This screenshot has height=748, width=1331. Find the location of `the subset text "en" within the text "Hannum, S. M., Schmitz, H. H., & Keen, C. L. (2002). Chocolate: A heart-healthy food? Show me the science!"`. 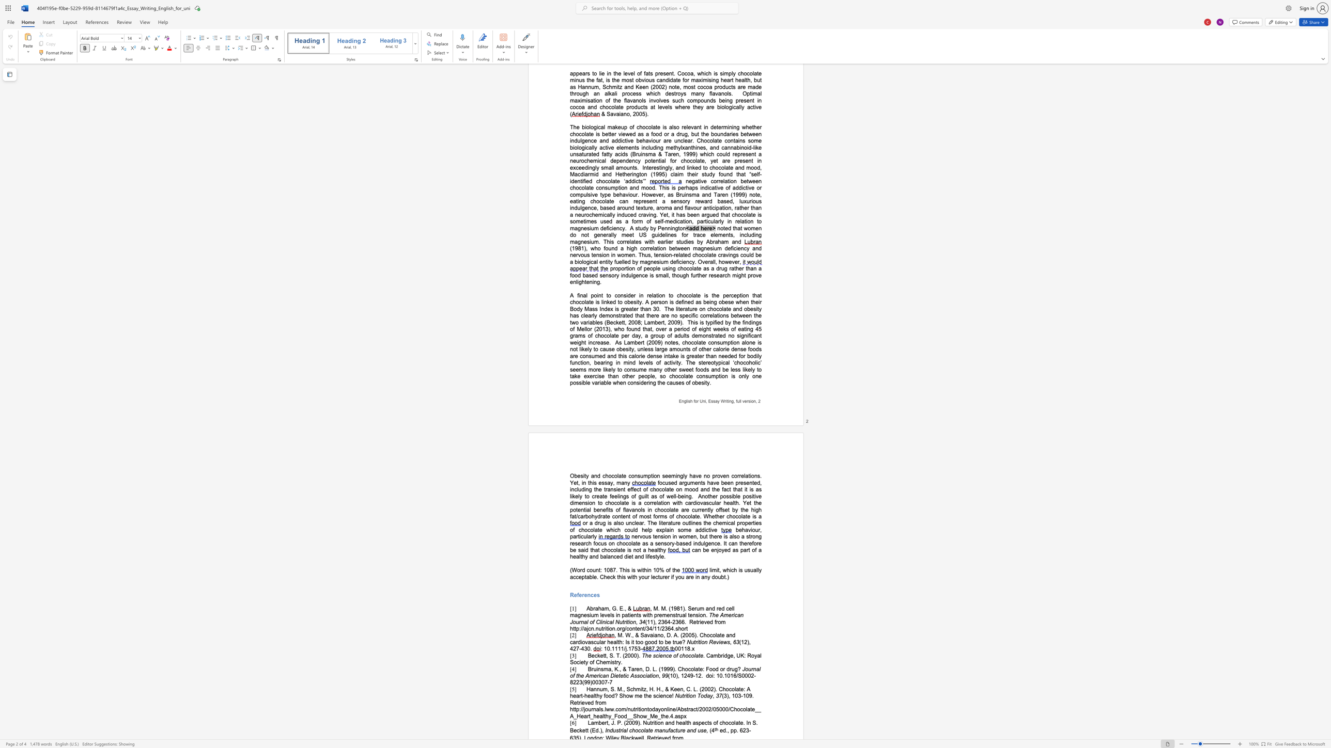

the subset text "en" within the text "Hannum, S. M., Schmitz, H. H., & Keen, C. L. (2002). Chocolate: A heart-healthy food? Show me the science!" is located at coordinates (659, 695).